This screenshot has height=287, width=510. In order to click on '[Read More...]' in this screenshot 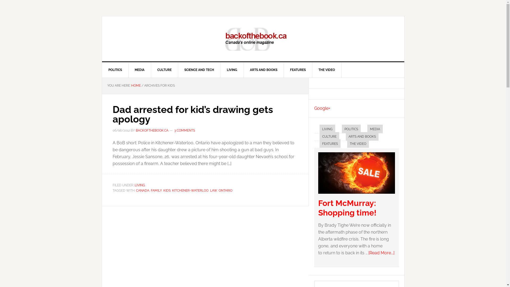, I will do `click(381, 252)`.